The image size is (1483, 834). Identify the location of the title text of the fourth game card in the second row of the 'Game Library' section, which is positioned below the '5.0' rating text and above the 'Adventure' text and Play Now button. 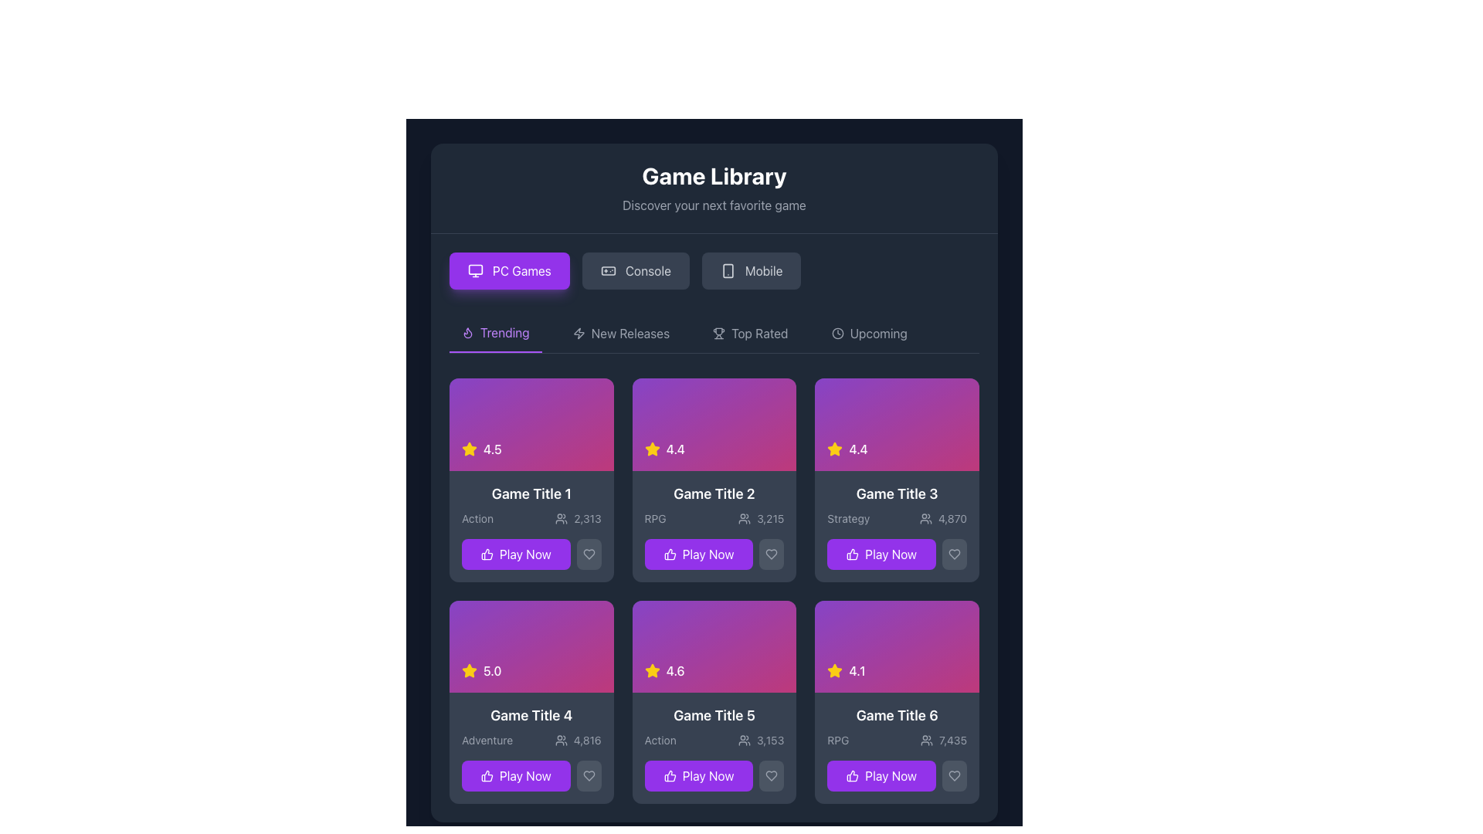
(531, 716).